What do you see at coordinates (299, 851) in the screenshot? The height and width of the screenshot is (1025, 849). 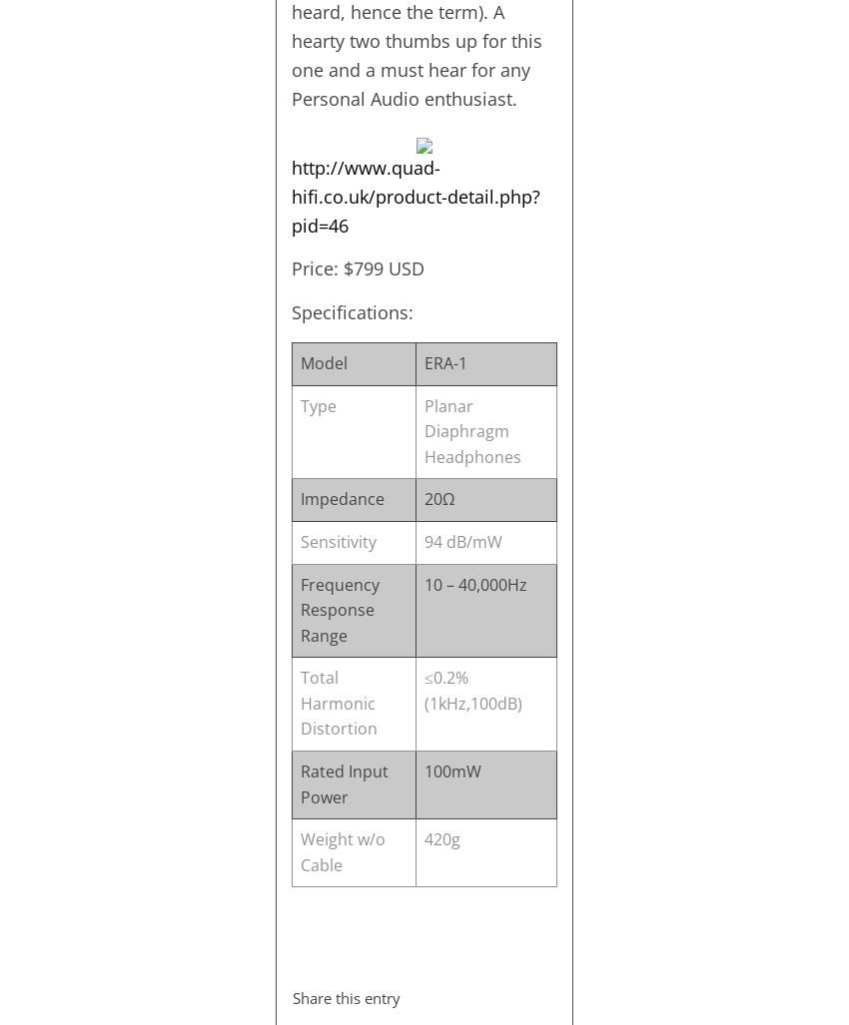 I see `'Weight w/o Cable'` at bounding box center [299, 851].